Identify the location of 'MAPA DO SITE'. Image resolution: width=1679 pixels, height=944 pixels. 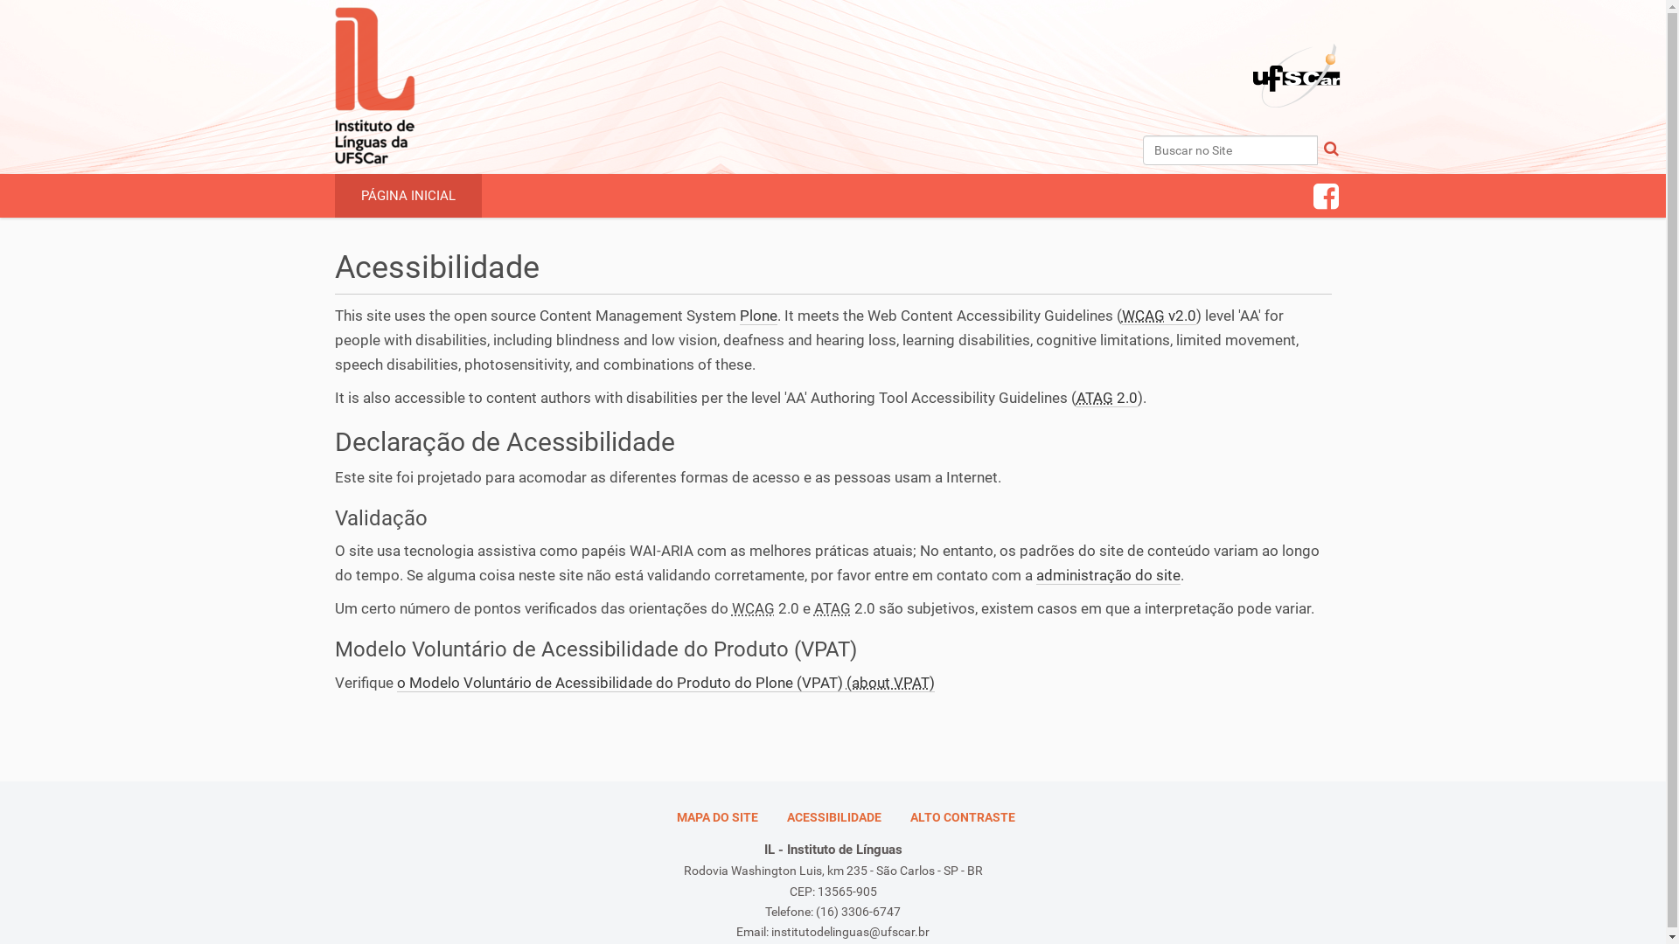
(717, 816).